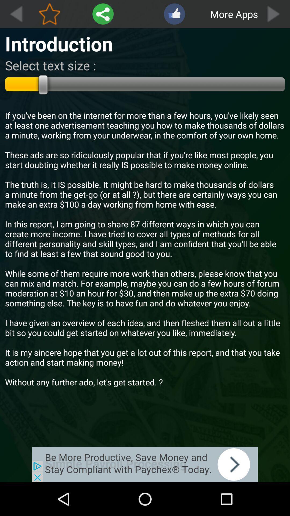  Describe the element at coordinates (16, 14) in the screenshot. I see `go back` at that location.